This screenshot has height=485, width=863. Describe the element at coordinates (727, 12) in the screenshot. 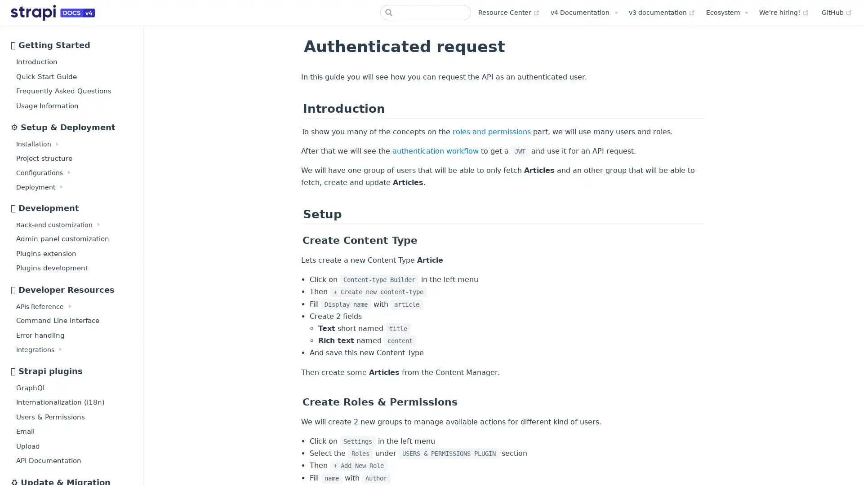

I see `Ecosystem` at that location.